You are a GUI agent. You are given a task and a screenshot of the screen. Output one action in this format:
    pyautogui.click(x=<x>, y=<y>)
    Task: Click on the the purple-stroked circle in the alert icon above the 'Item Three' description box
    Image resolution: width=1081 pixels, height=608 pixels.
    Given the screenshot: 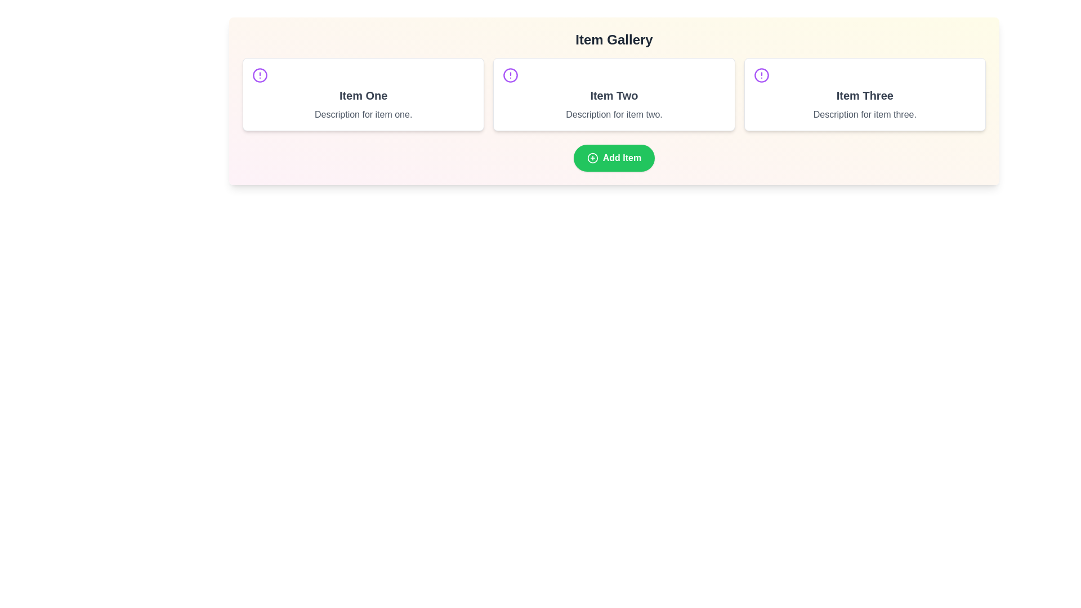 What is the action you would take?
    pyautogui.click(x=761, y=75)
    